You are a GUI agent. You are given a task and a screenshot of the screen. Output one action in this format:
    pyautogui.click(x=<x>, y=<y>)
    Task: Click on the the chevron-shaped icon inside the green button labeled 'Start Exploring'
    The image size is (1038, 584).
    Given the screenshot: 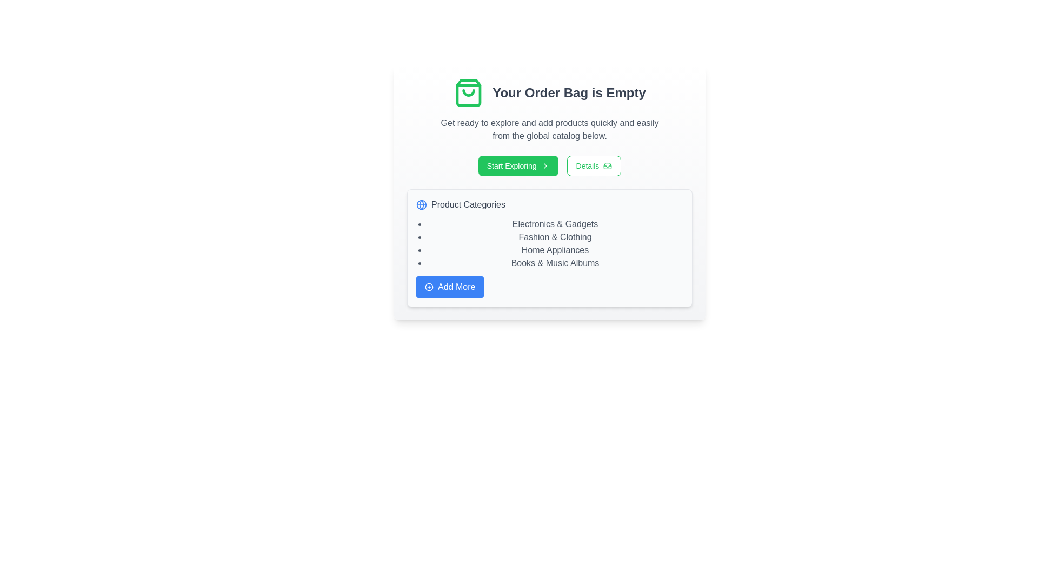 What is the action you would take?
    pyautogui.click(x=545, y=166)
    